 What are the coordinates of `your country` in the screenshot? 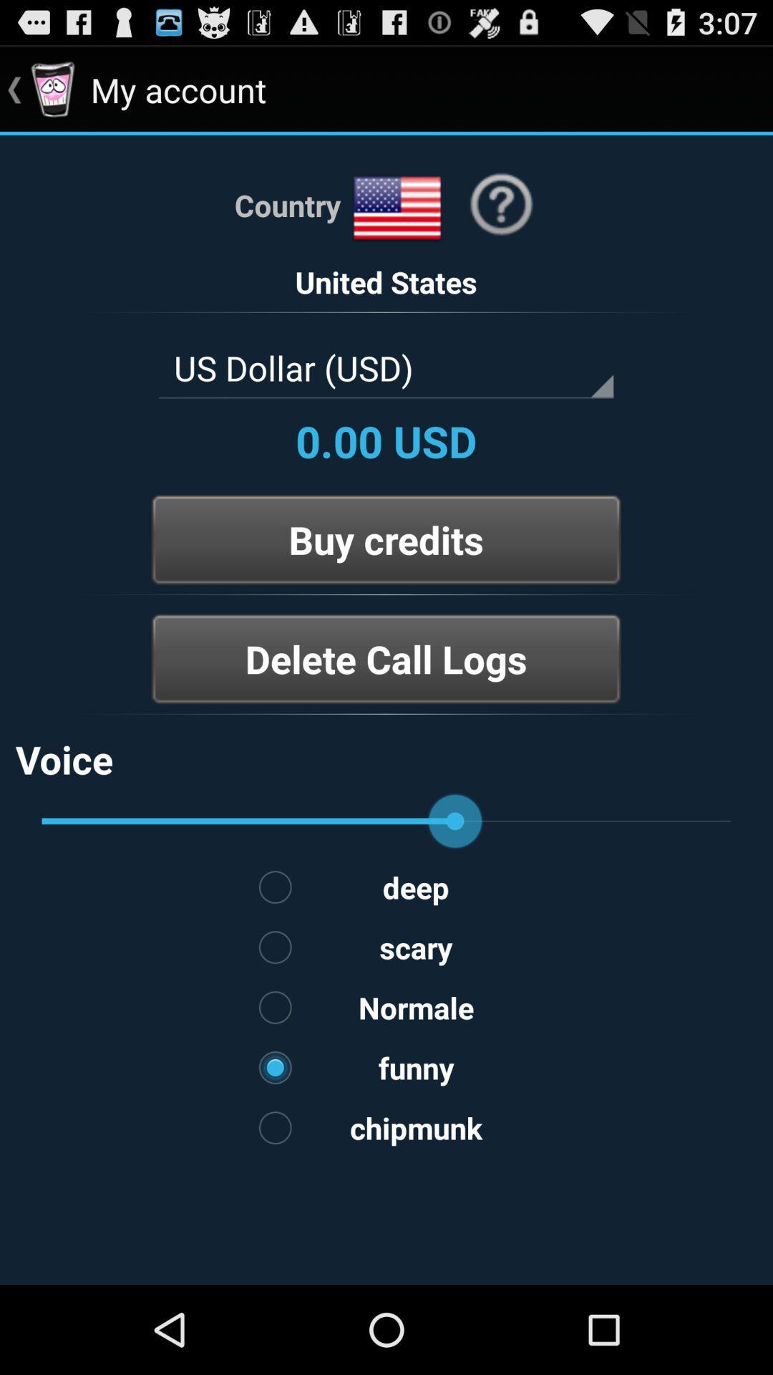 It's located at (397, 208).